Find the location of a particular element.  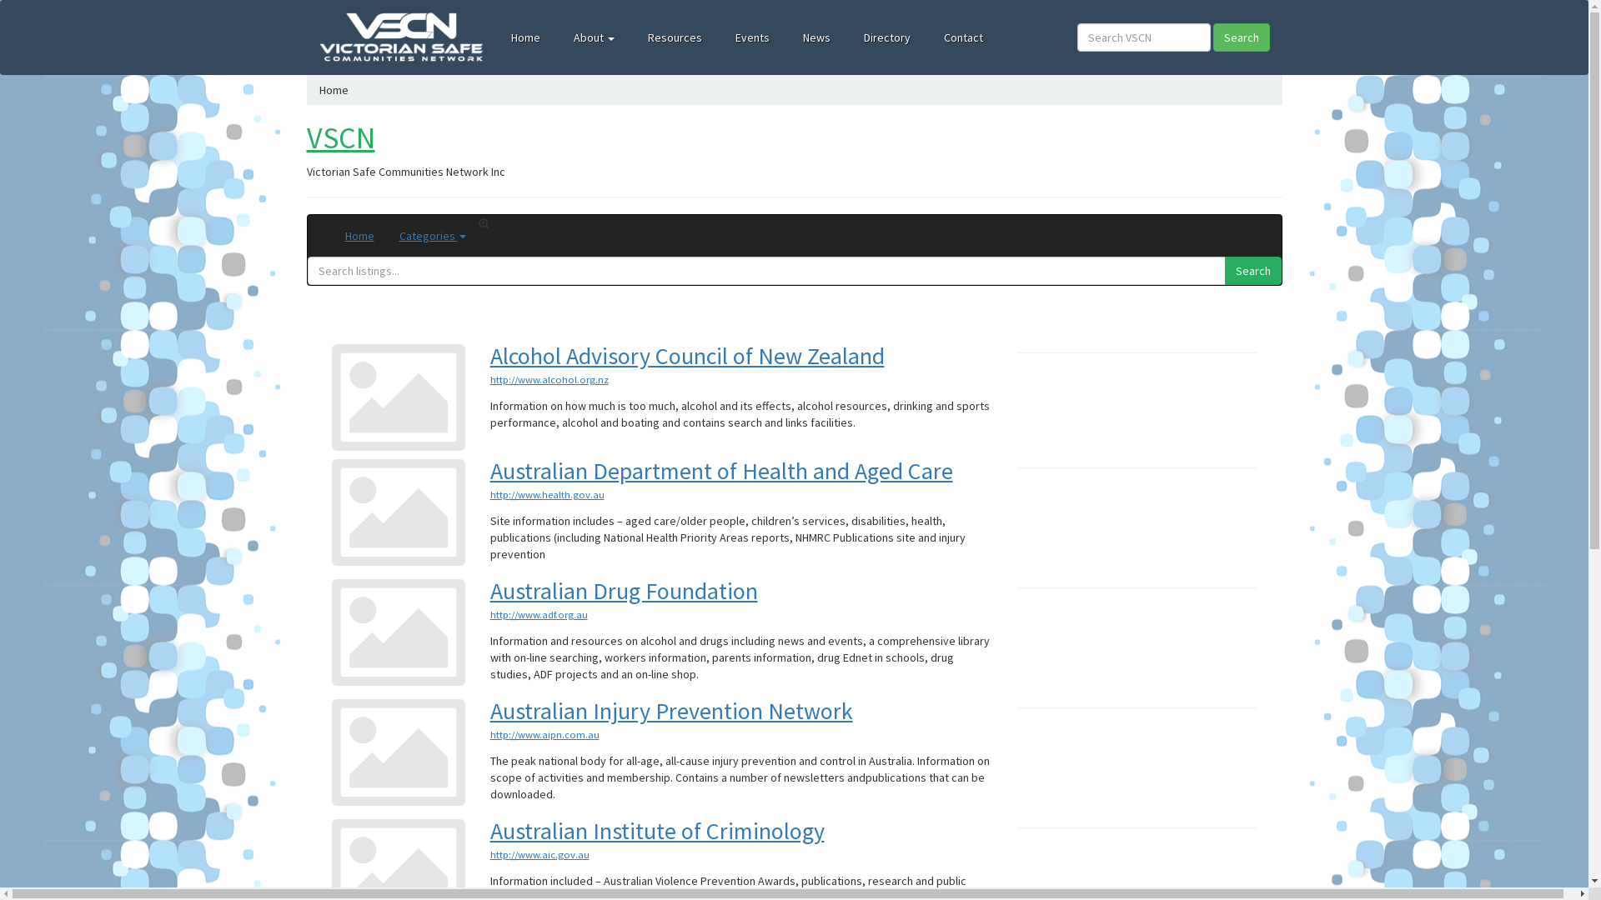

'http://www.health.gov.au' is located at coordinates (547, 493).